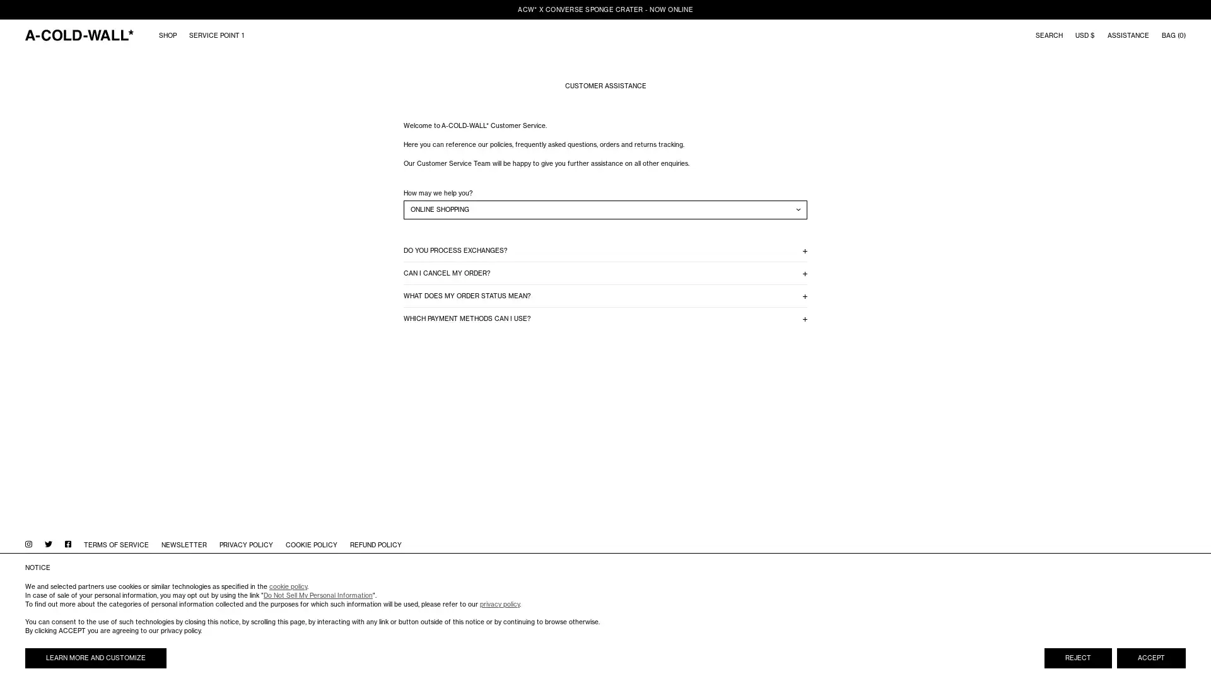 Image resolution: width=1211 pixels, height=681 pixels. Describe the element at coordinates (605, 272) in the screenshot. I see `CAN I CANCEL MY ORDER?` at that location.